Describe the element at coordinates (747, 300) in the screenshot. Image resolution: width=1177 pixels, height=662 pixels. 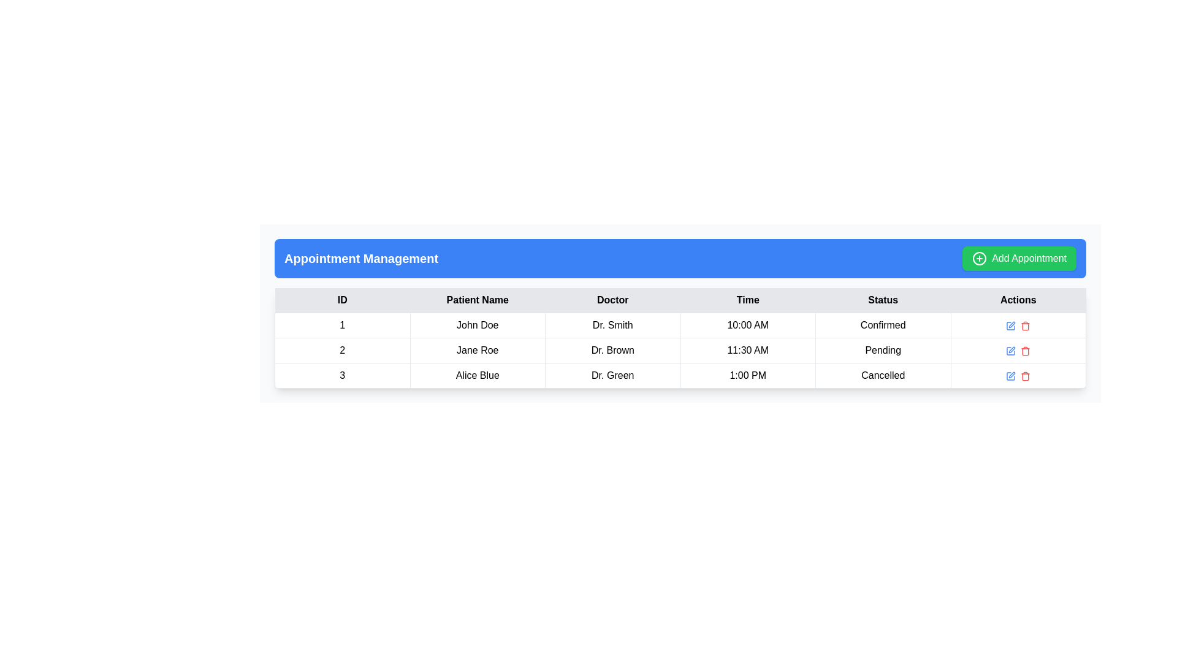
I see `the 'Time' column label in the table header, which is located in the fourth column after 'ID', 'Patient Name', and 'Doctor'` at that location.